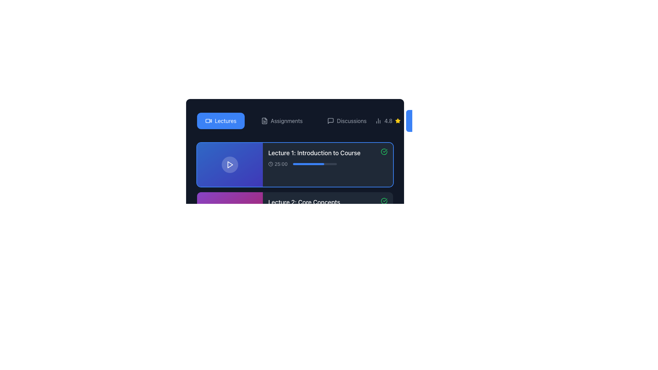 The width and height of the screenshot is (658, 370). I want to click on the 'Assignments' button, which is the second button in a group of three buttons, so click(282, 121).